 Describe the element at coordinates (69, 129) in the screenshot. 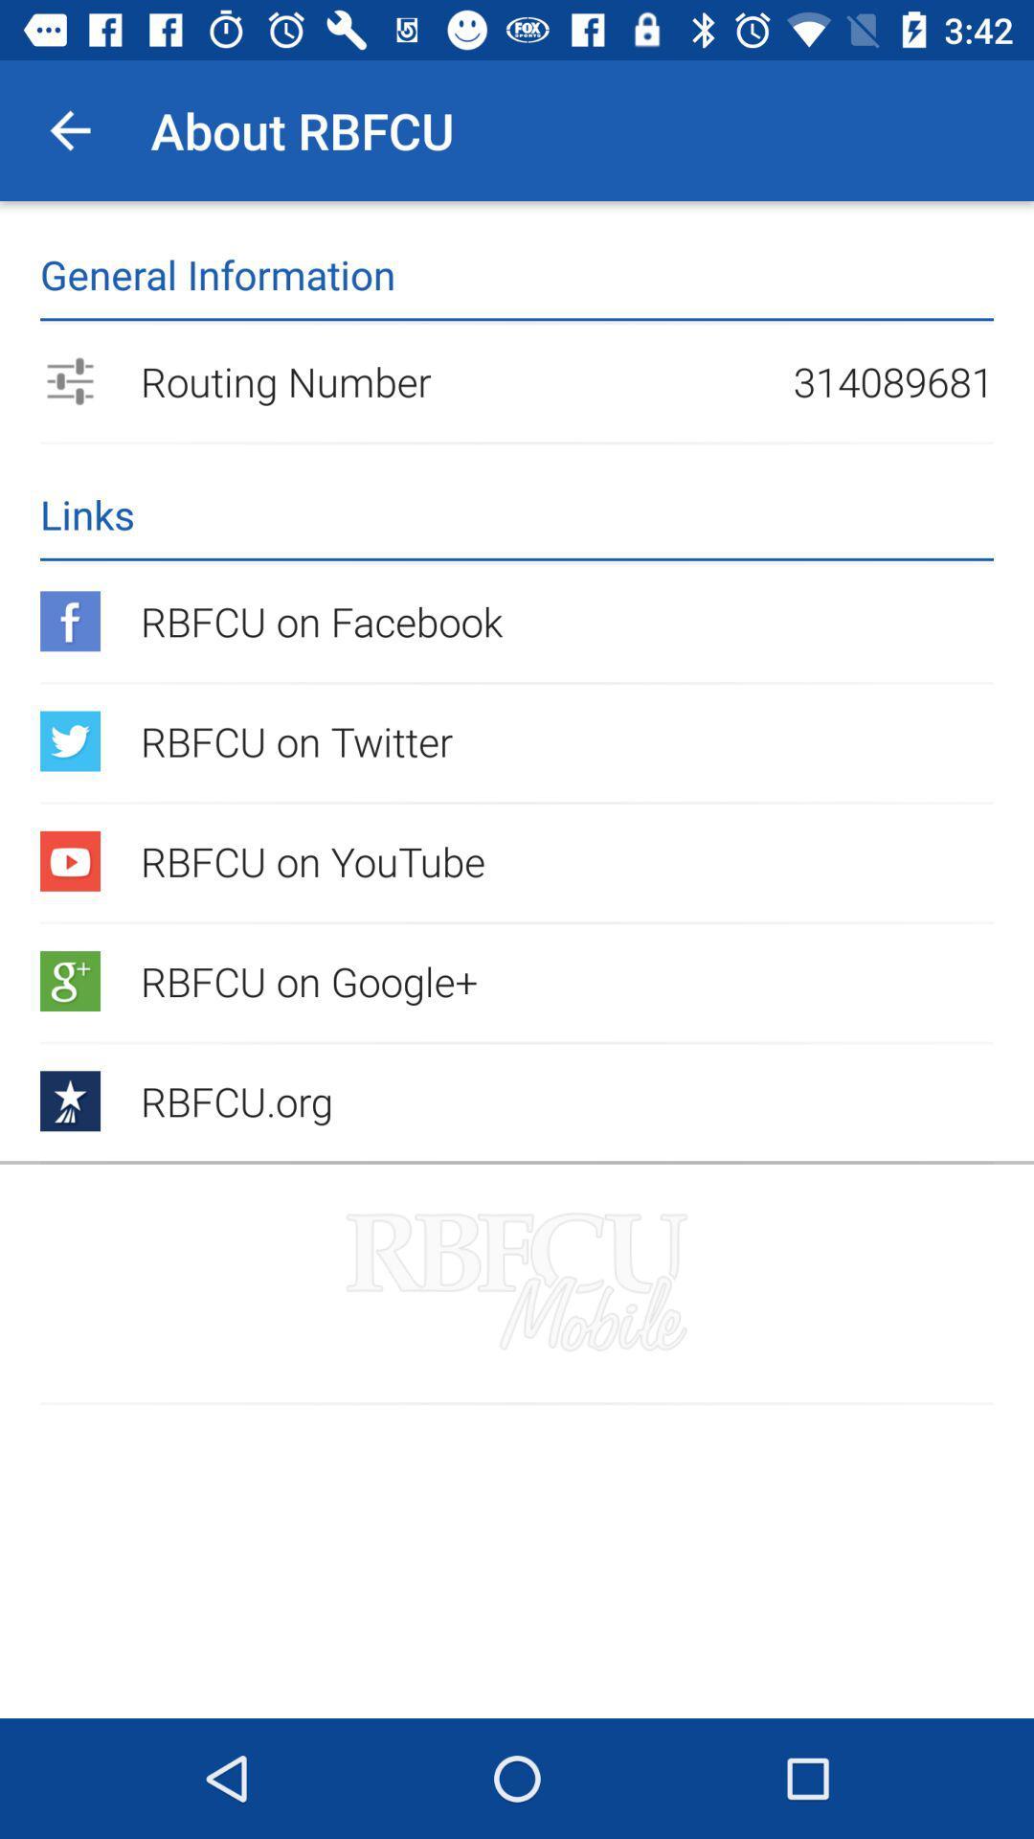

I see `the icon above the general information item` at that location.